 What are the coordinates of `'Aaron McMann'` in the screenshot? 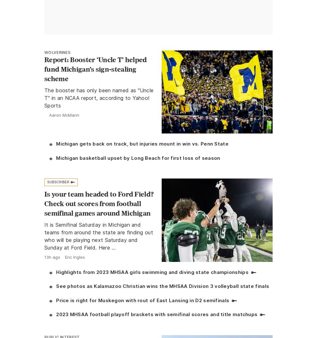 It's located at (49, 115).